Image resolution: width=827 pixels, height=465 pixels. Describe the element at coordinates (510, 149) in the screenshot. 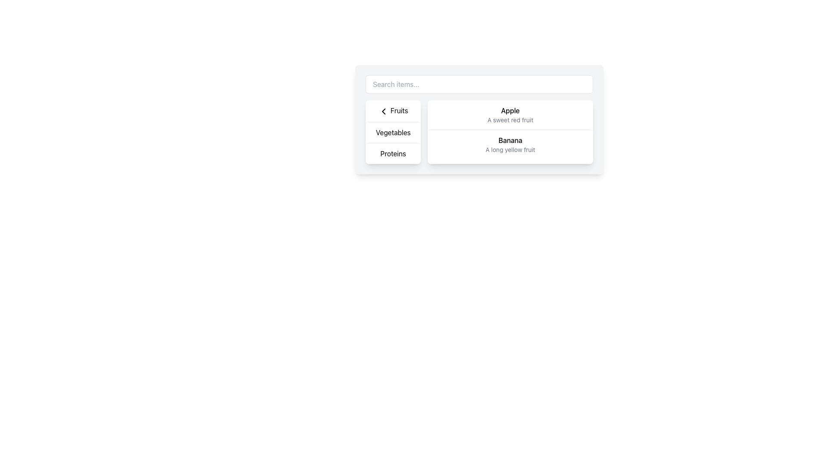

I see `descriptive text label located under the 'Banana' title in the middle section of the interface` at that location.